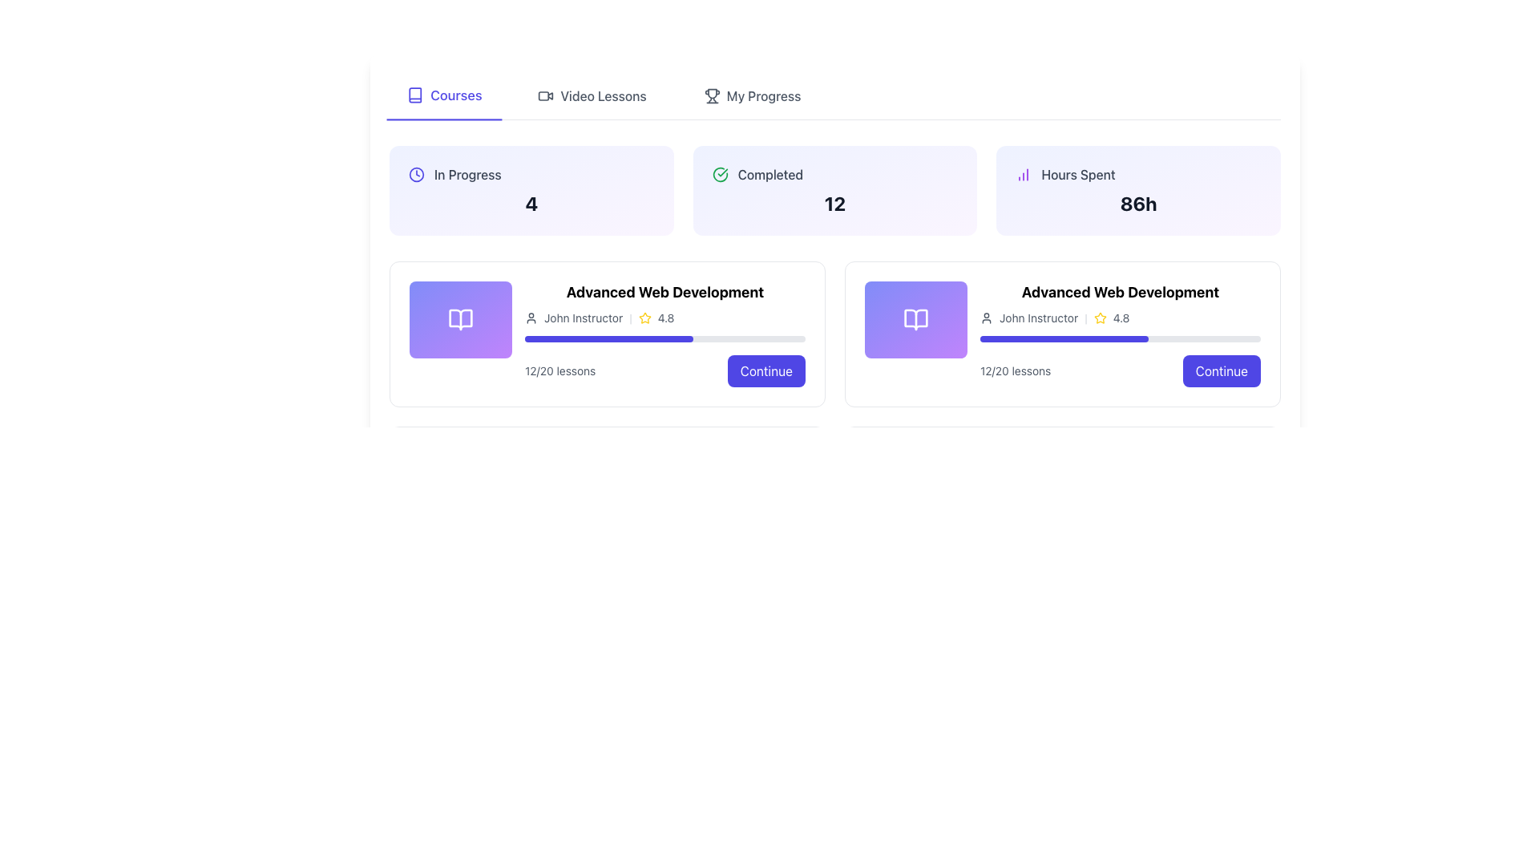 The height and width of the screenshot is (866, 1539). What do you see at coordinates (608, 338) in the screenshot?
I see `the filled segment of the Progress bar, which visually indicates 60% completion of the task related to 'Advanced Web Development'` at bounding box center [608, 338].